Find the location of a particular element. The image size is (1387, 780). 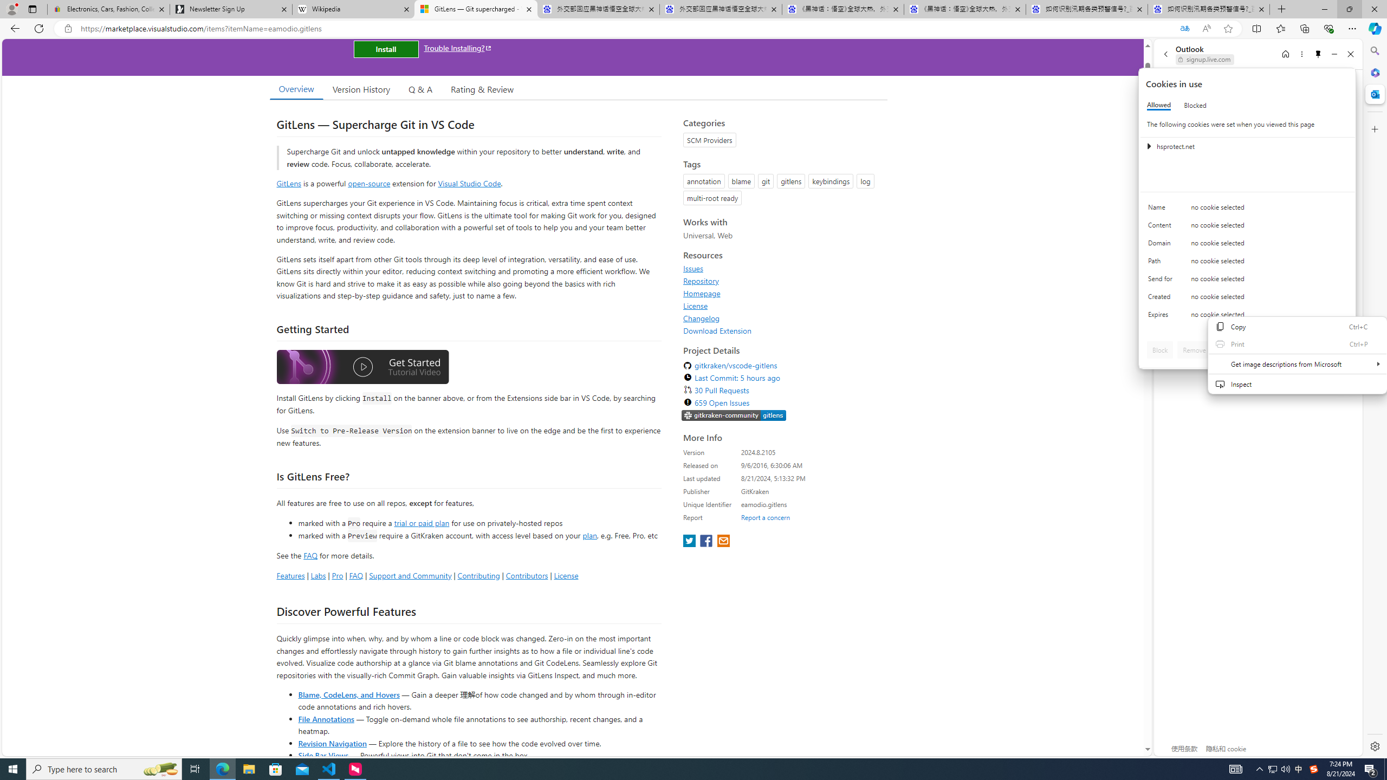

'Path' is located at coordinates (1162, 263).